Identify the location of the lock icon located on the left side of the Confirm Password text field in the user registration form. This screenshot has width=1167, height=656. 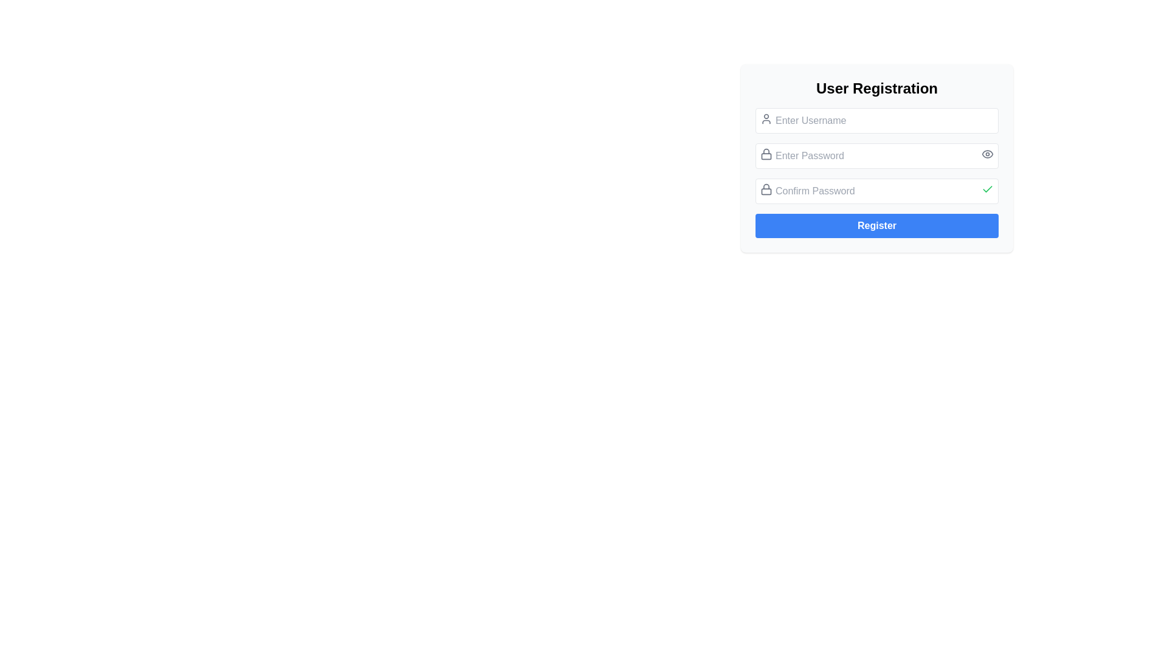
(766, 190).